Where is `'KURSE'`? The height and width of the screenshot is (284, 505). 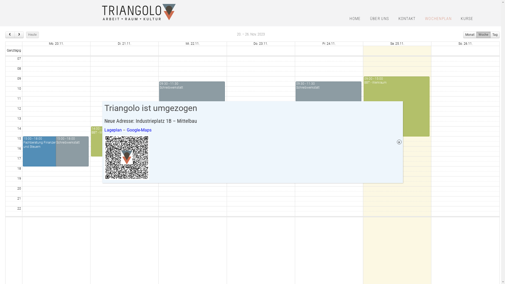 'KURSE' is located at coordinates (457, 19).